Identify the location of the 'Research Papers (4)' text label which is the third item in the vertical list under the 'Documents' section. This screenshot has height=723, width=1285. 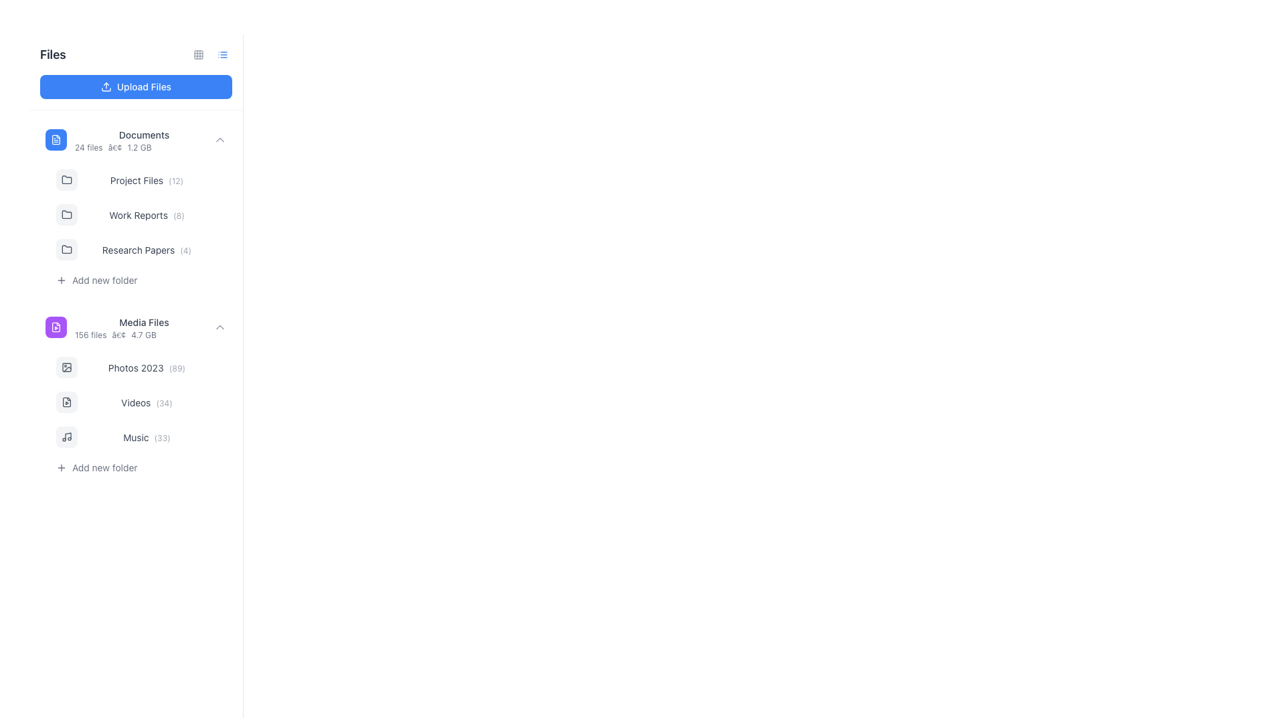
(147, 250).